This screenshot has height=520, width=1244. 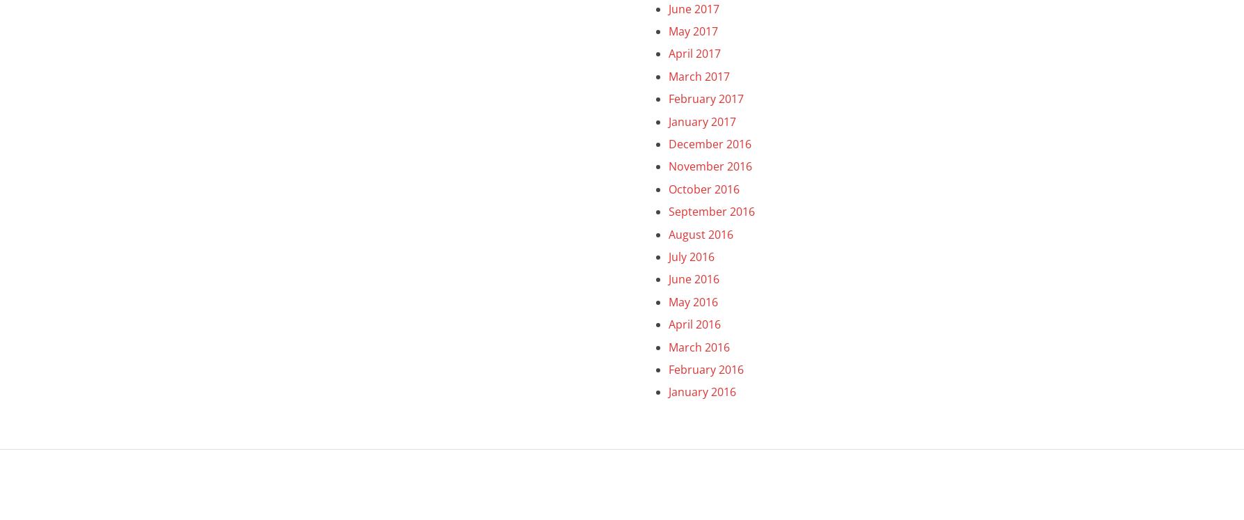 I want to click on 'December 2016', so click(x=709, y=143).